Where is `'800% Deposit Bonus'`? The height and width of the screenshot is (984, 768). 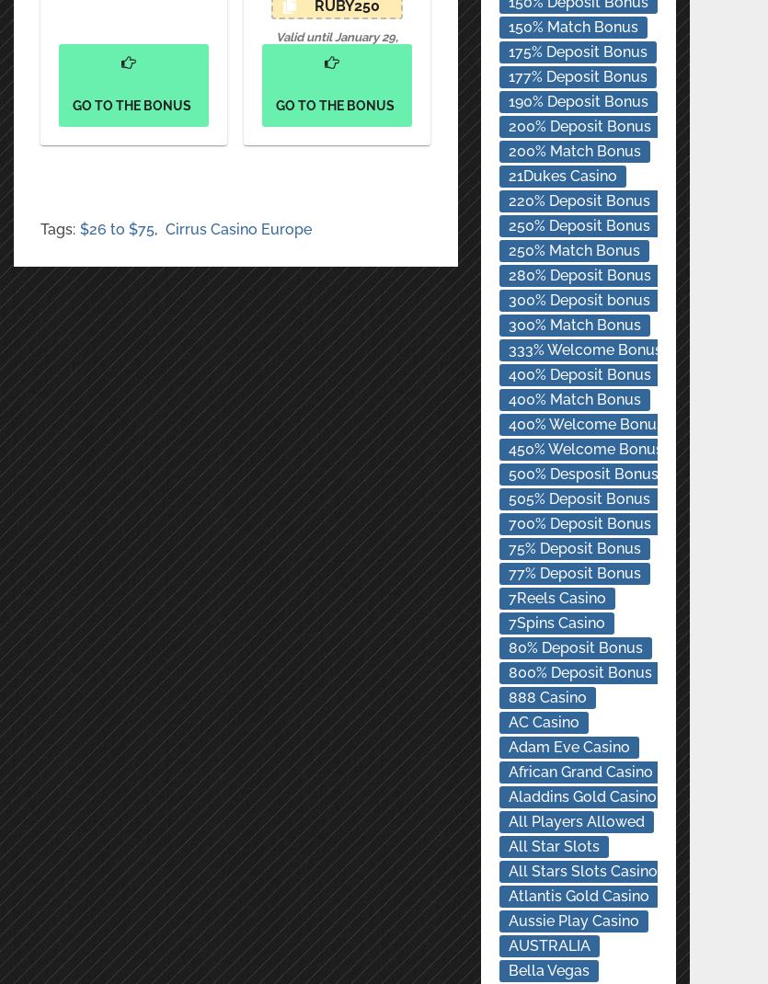 '800% Deposit Bonus' is located at coordinates (579, 671).